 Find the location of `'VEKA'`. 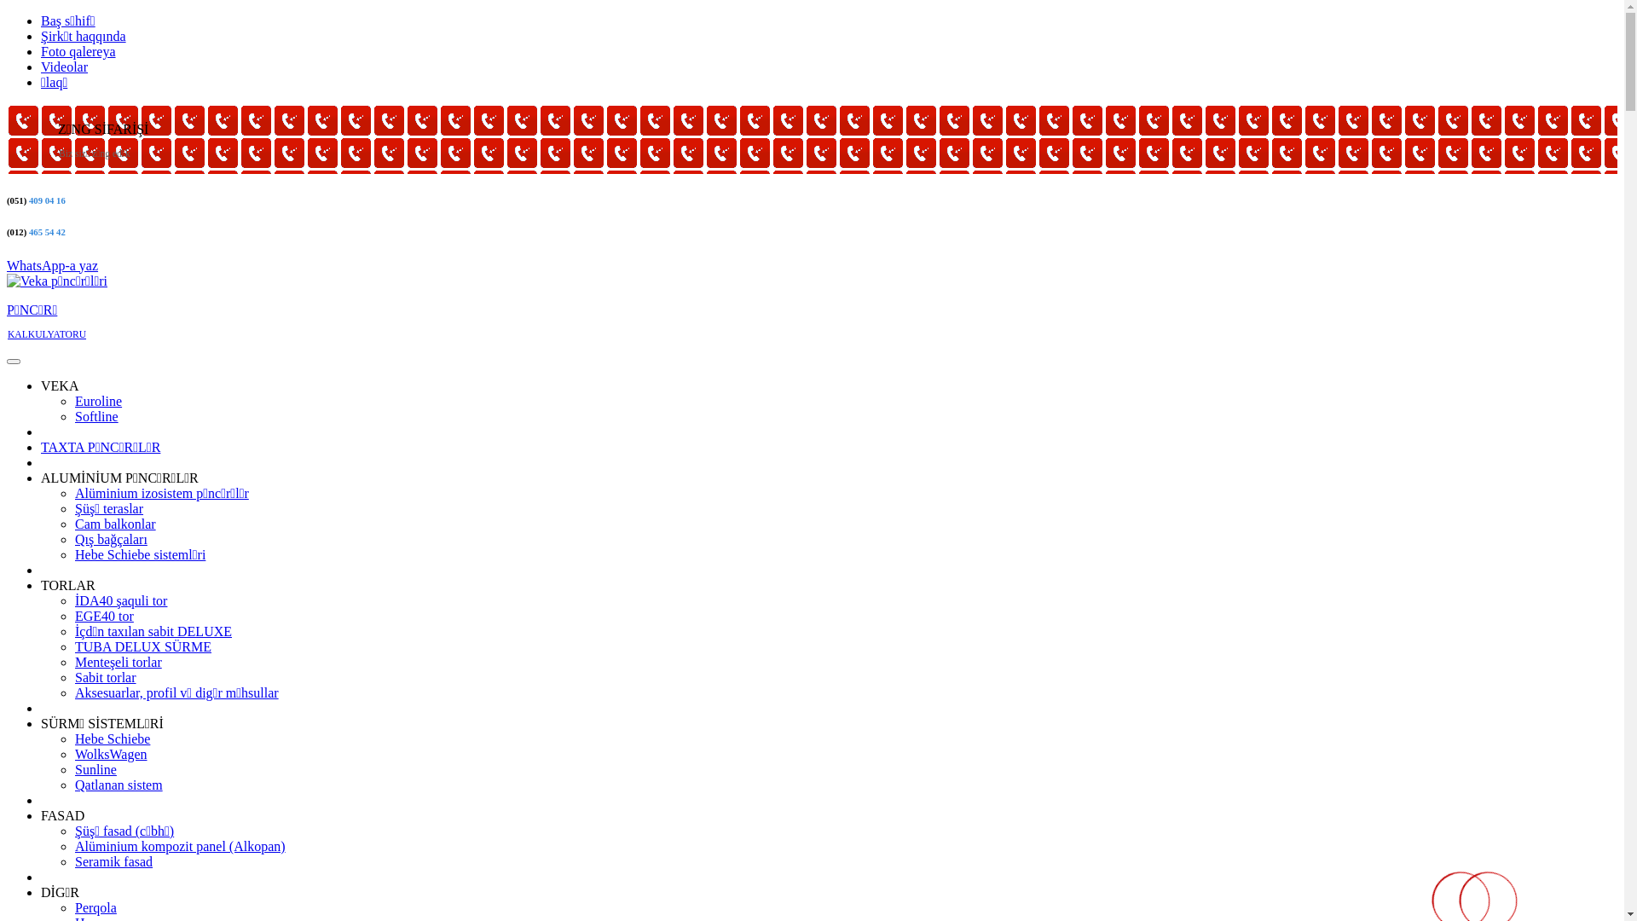

'VEKA' is located at coordinates (60, 385).